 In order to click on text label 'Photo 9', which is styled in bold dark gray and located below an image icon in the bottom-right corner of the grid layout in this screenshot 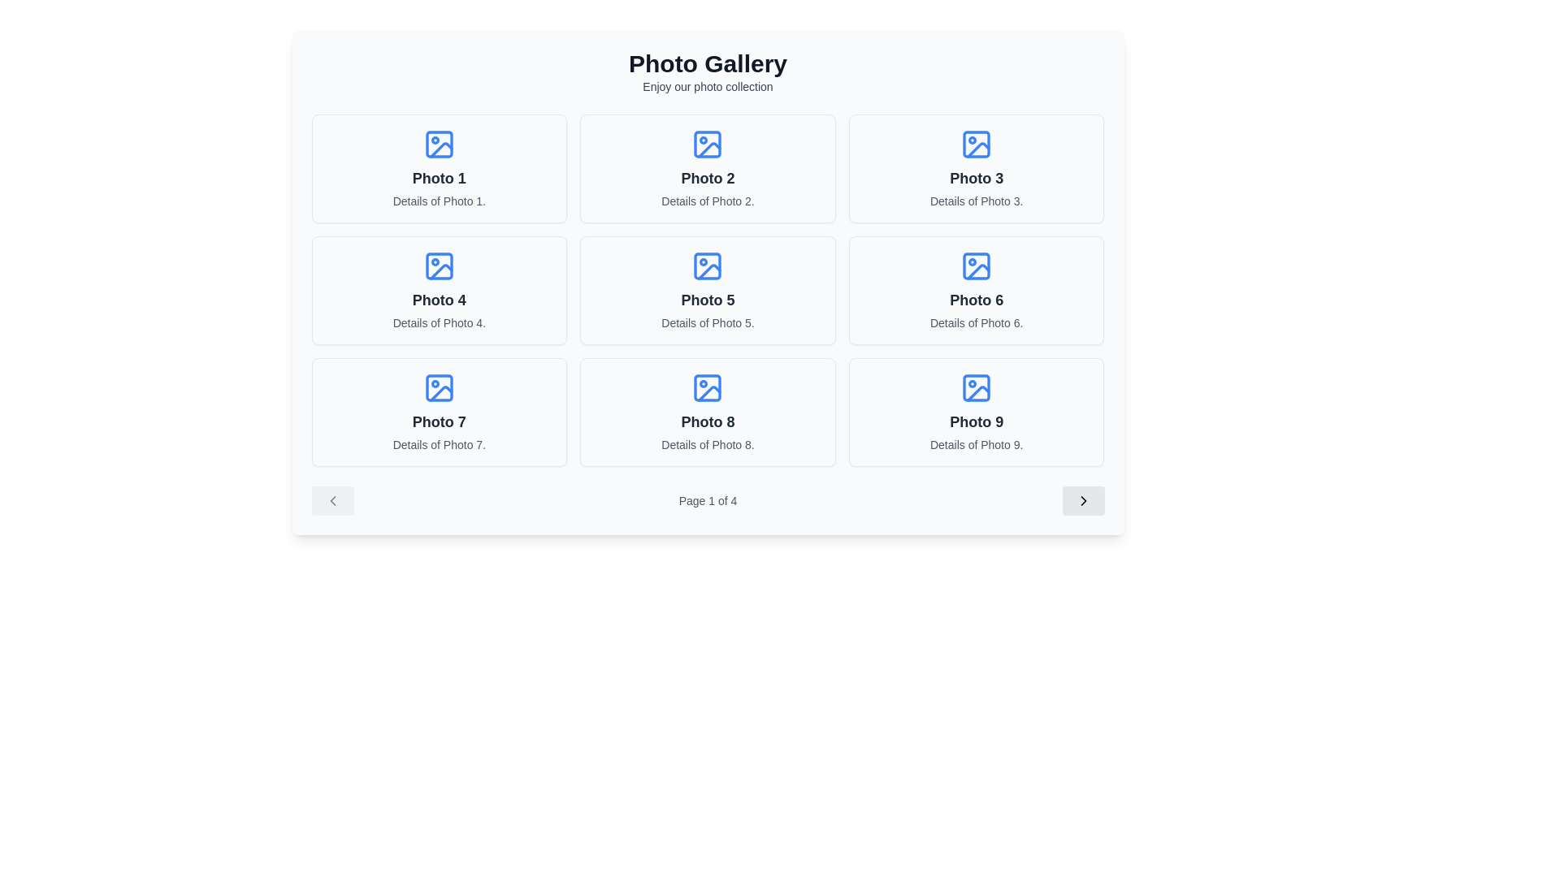, I will do `click(976, 421)`.